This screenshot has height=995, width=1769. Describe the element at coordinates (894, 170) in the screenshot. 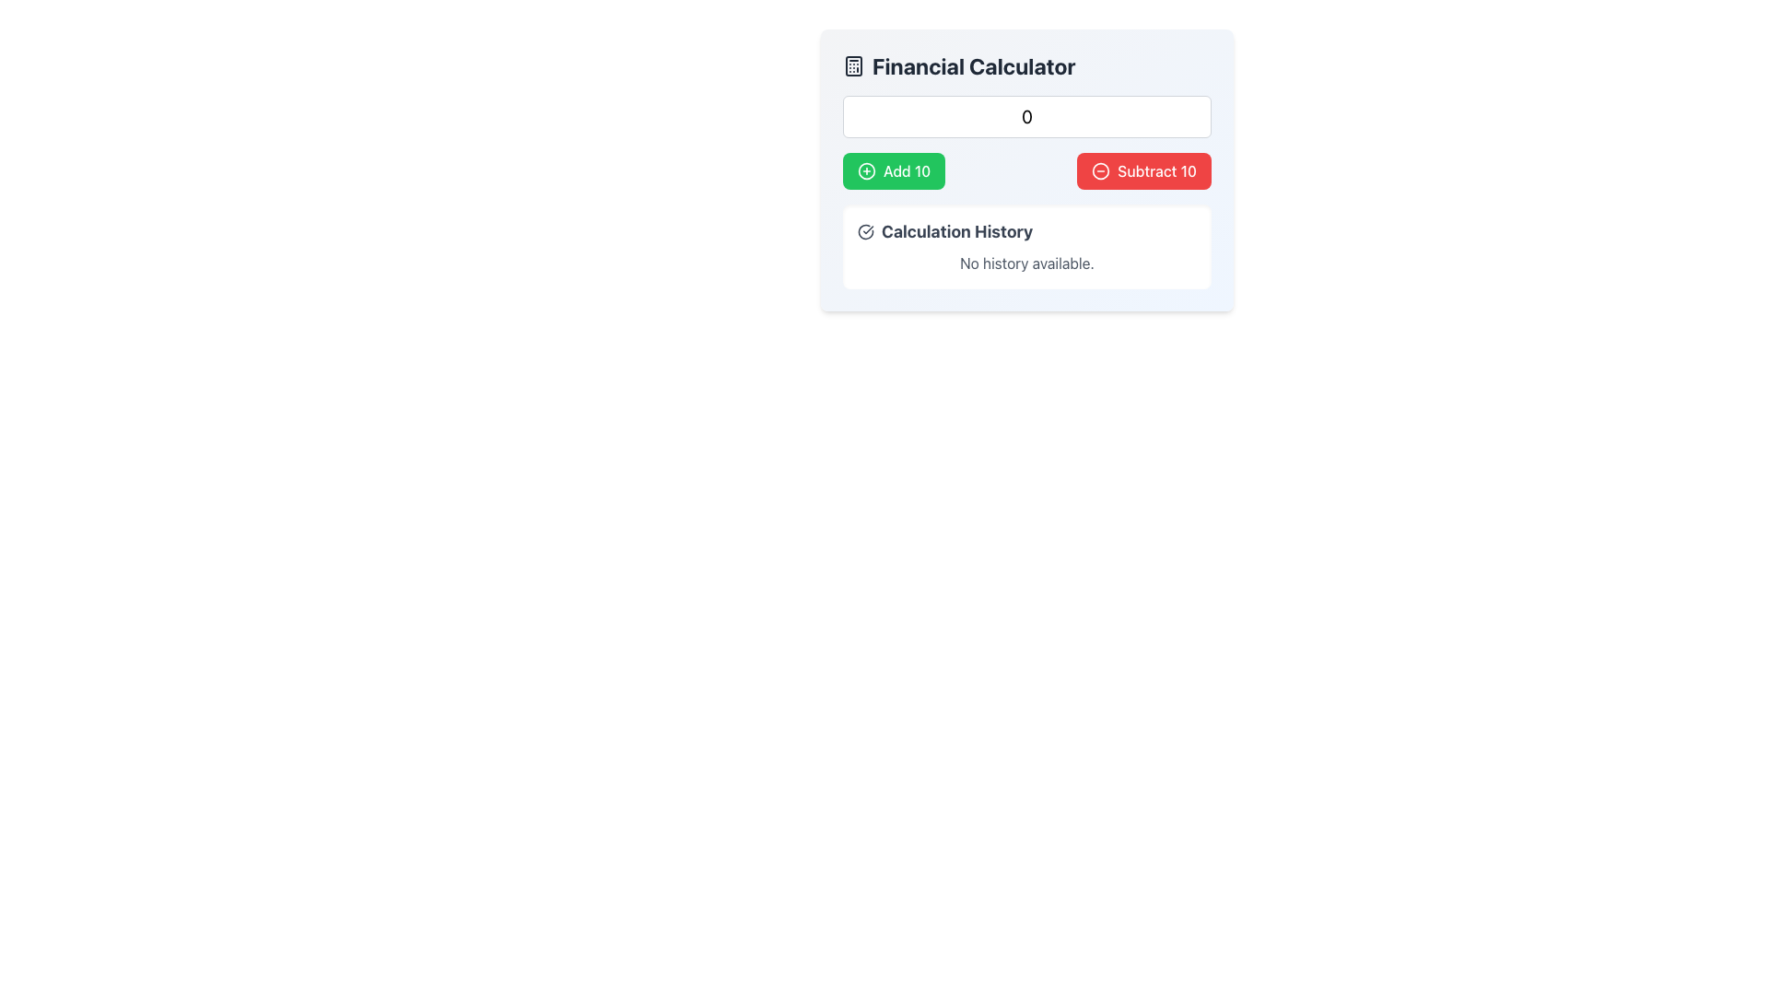

I see `the 'Add 10' button located below the input field in the 'Financial Calculator' component` at that location.